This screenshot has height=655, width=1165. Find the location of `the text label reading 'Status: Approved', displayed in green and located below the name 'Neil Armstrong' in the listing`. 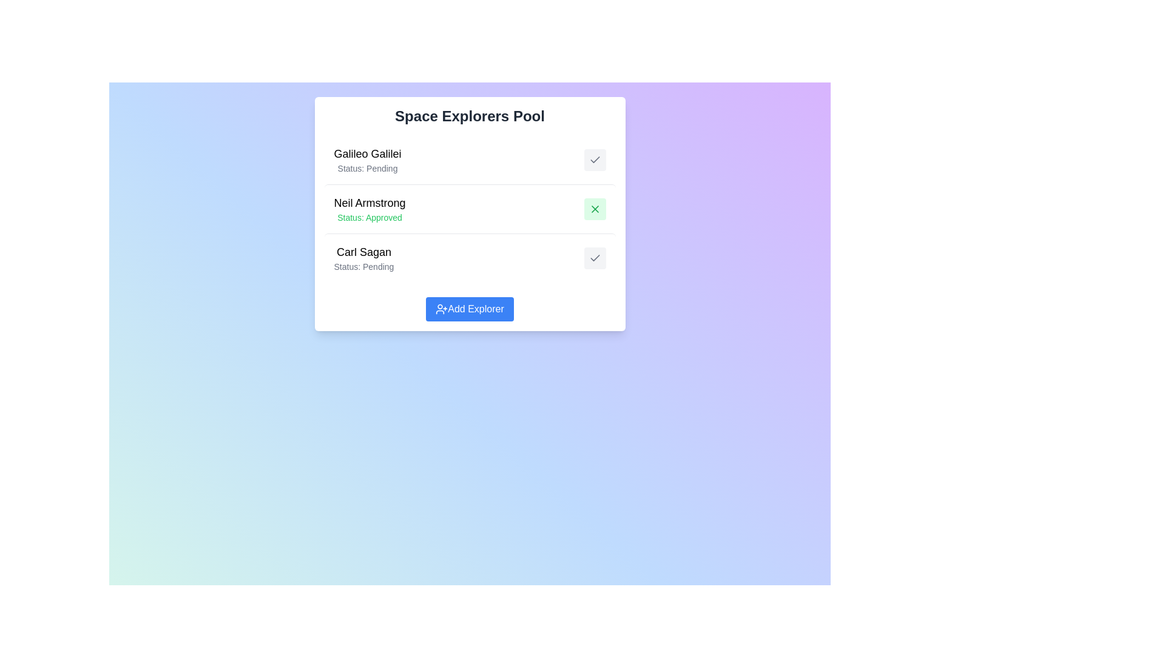

the text label reading 'Status: Approved', displayed in green and located below the name 'Neil Armstrong' in the listing is located at coordinates (369, 217).